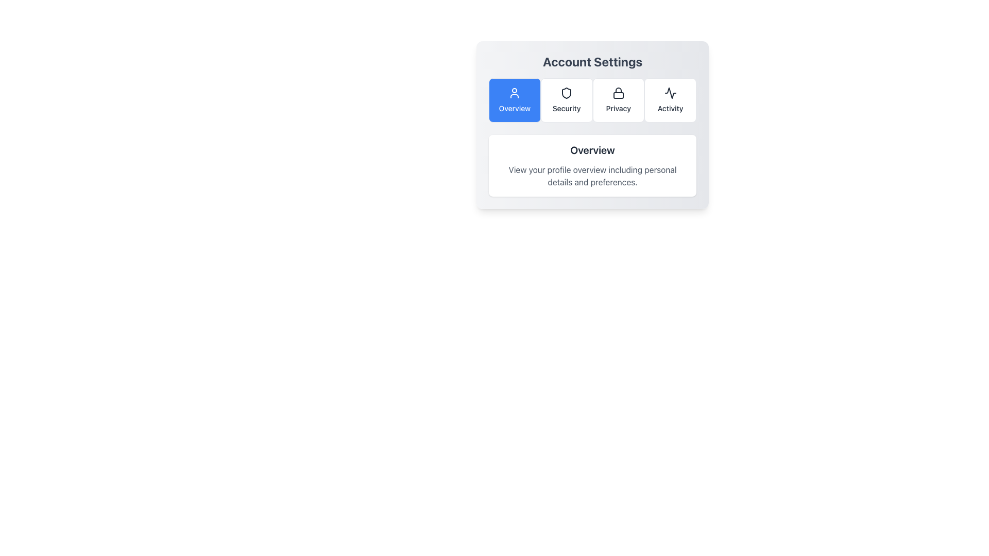  Describe the element at coordinates (618, 109) in the screenshot. I see `the 'Privacy' label in the settings menu` at that location.